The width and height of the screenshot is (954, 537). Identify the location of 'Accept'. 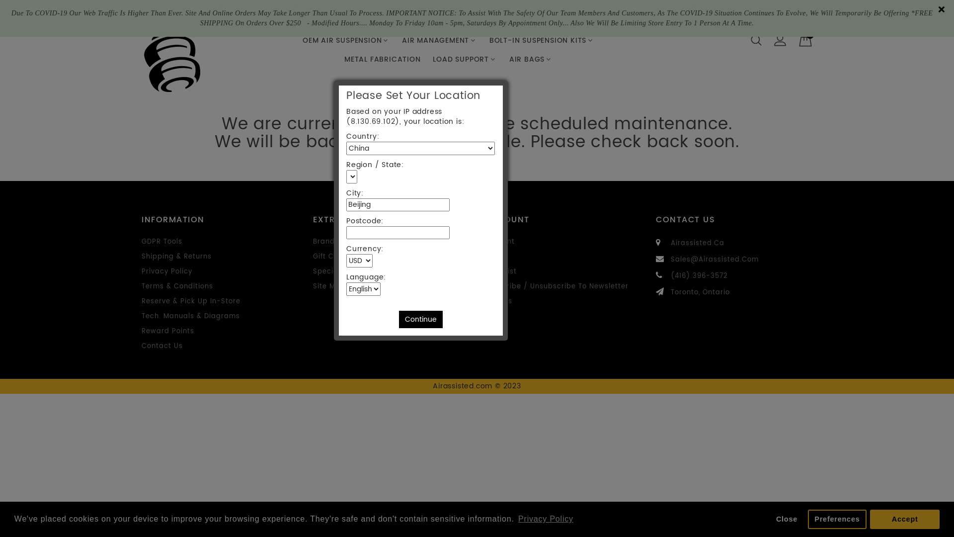
(904, 519).